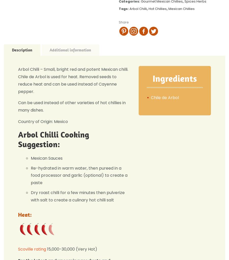 This screenshot has width=229, height=260. Describe the element at coordinates (168, 8) in the screenshot. I see `'Mexican Chillies'` at that location.